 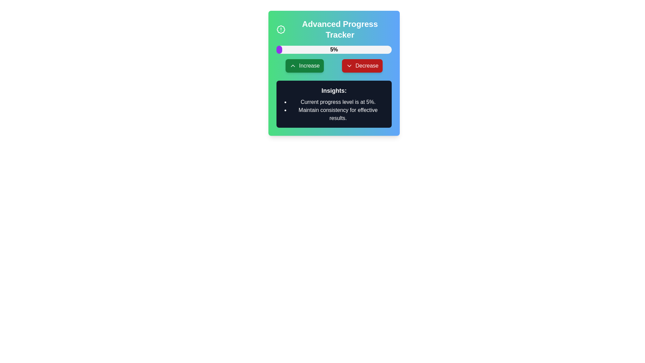 What do you see at coordinates (281, 29) in the screenshot?
I see `the Decorative badge icon located at the upper-left corner of the 'Advanced Progress Tracker' card interface` at bounding box center [281, 29].